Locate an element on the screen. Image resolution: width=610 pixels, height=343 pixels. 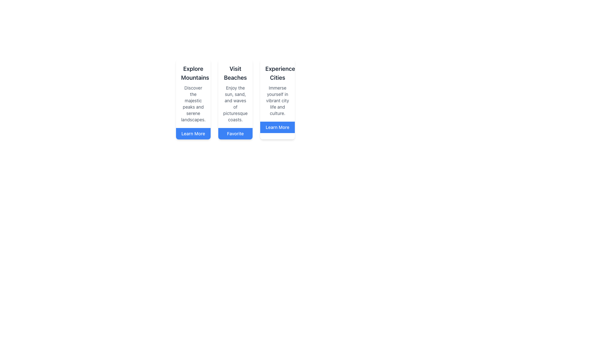
the text block that reads 'Discover the majestic peaks and serene landscapes.' which is styled with a smaller font size and muted gray color, located below the heading 'Explore Mountains.' is located at coordinates (193, 104).